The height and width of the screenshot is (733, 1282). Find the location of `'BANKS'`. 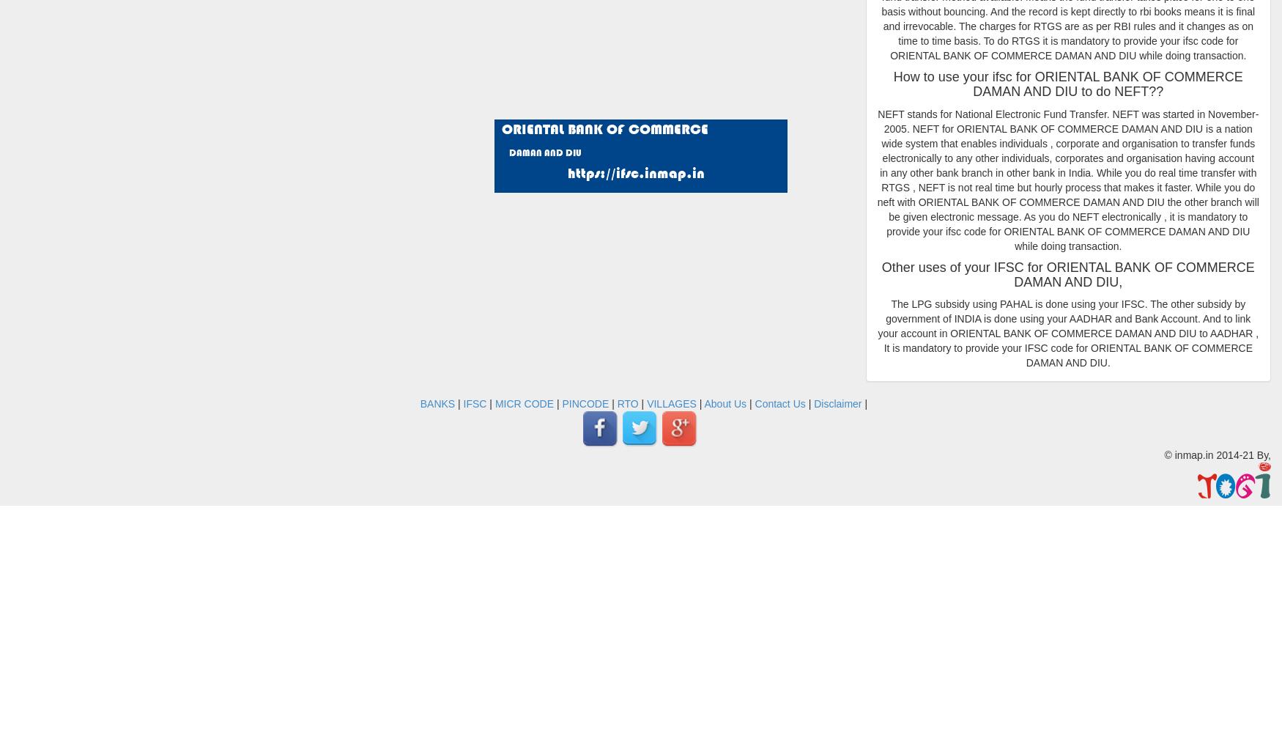

'BANKS' is located at coordinates (437, 404).